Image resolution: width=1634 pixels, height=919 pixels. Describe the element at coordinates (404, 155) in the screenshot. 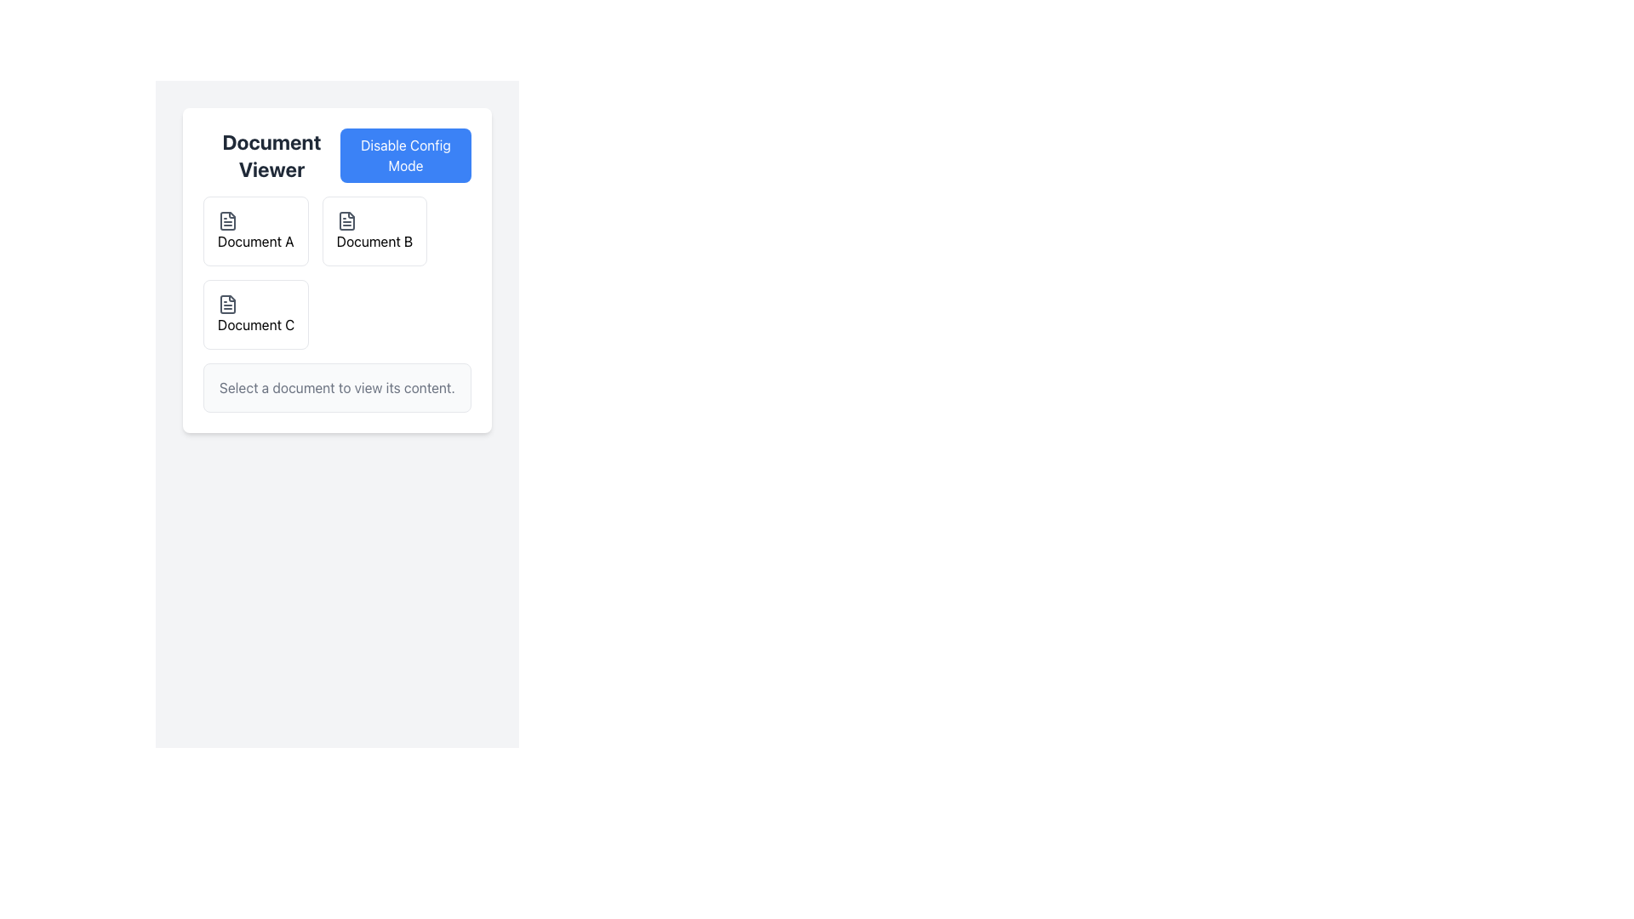

I see `the button labeled 'Disable Config Mode' which has a blue background and white text to observe the hover effect` at that location.